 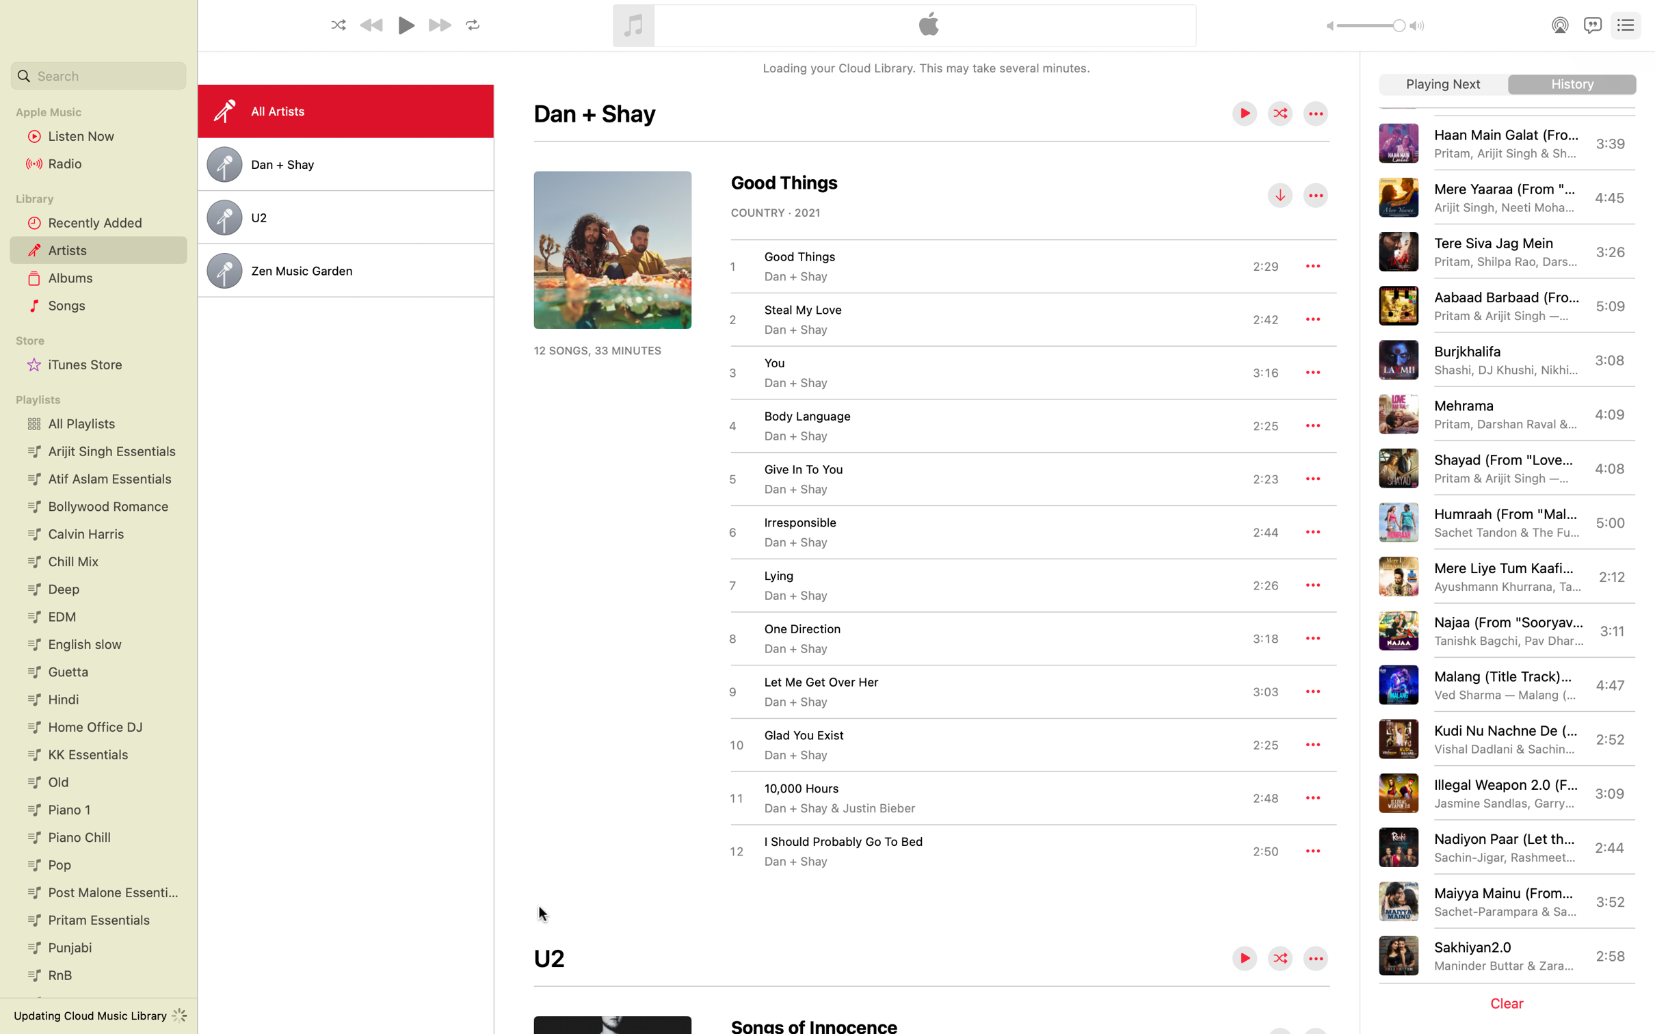 I want to click on the extended choices for the music "Give In To You, so click(x=1313, y=478).